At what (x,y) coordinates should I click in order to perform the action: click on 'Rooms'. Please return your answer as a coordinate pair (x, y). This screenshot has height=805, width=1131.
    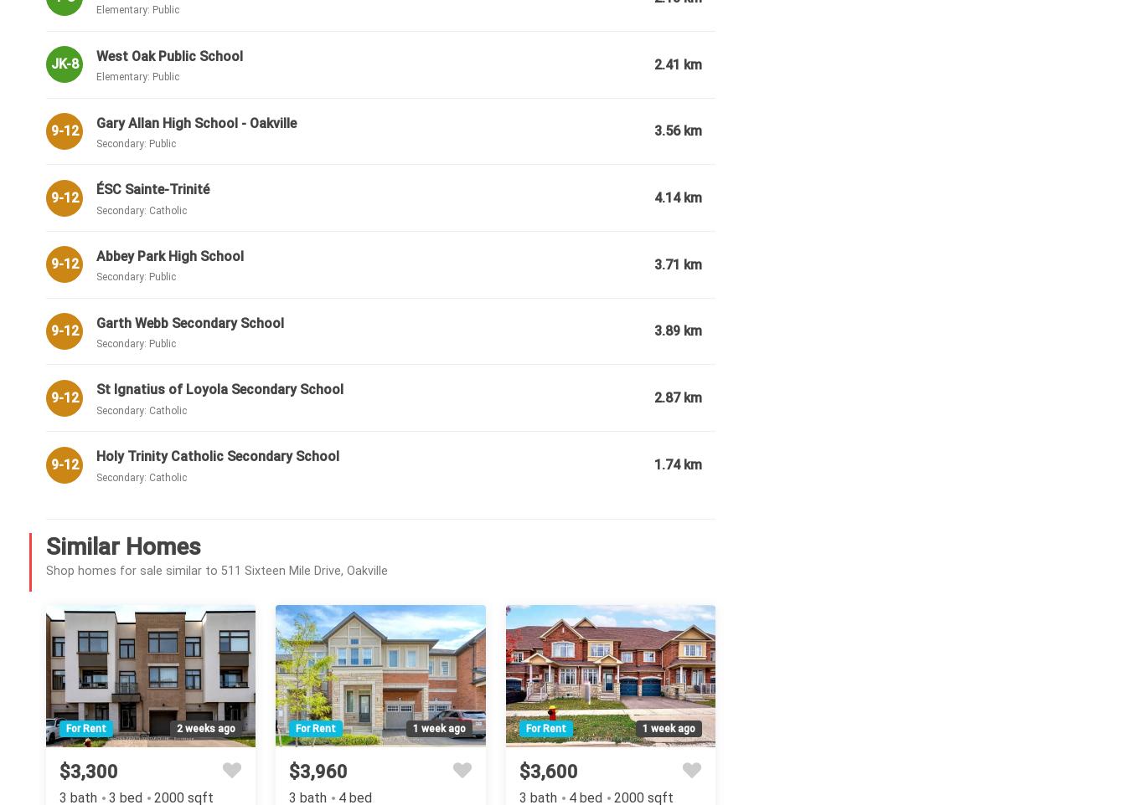
    Looking at the image, I should click on (81, 272).